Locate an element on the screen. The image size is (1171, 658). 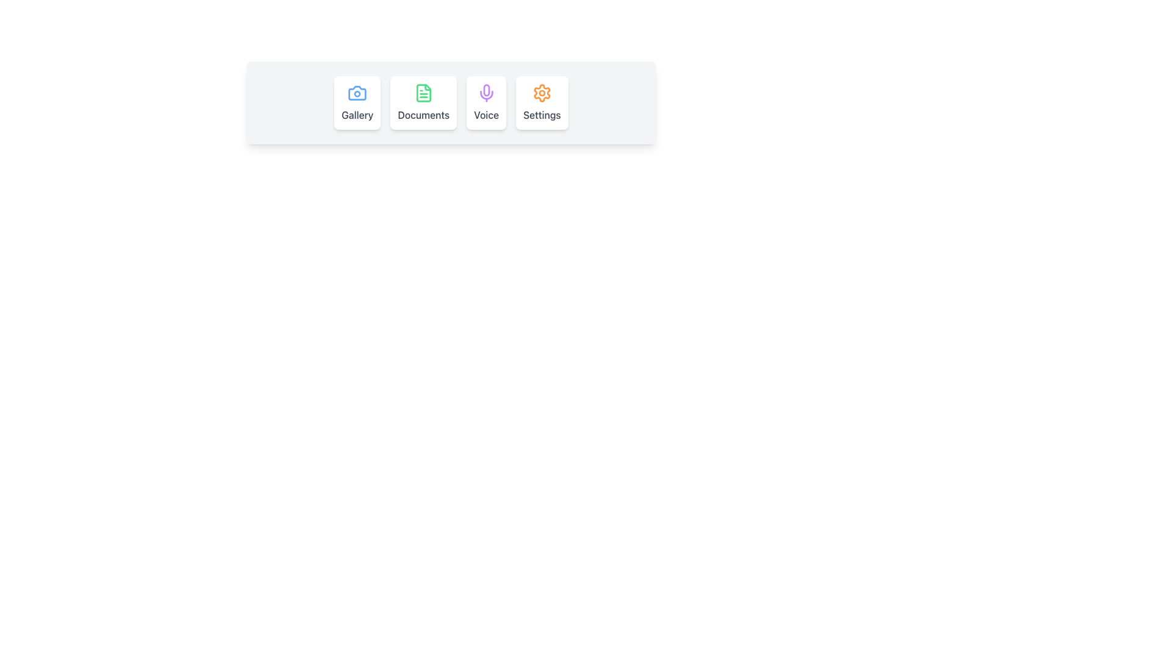
the gear-shaped orange icon within the 'Settings' card for additional information is located at coordinates (541, 93).